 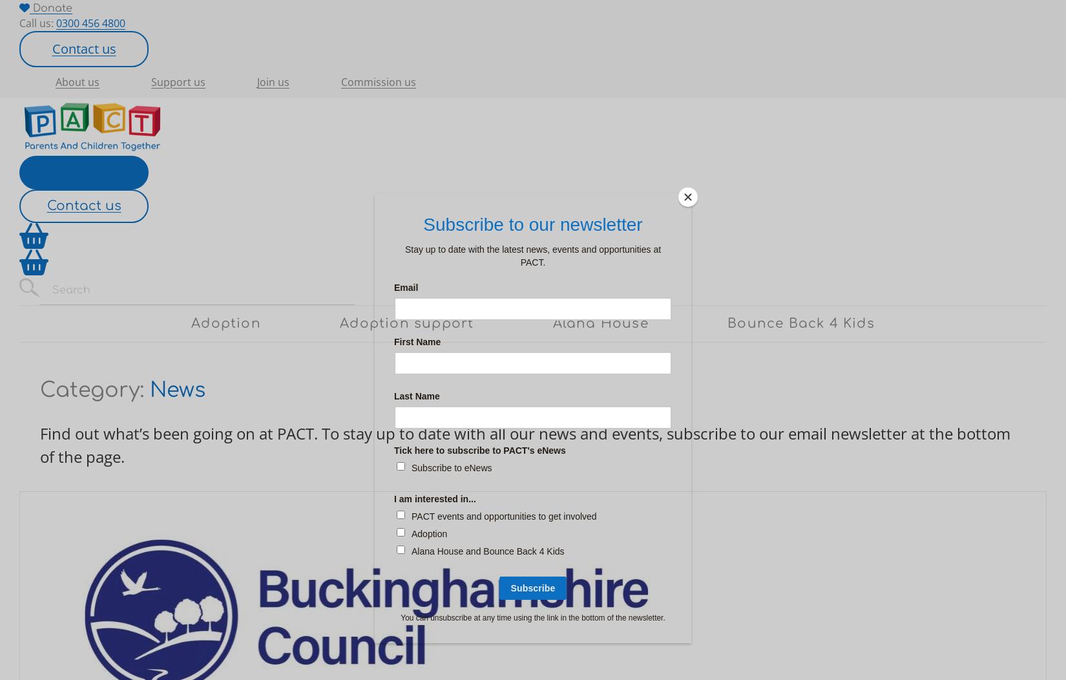 I want to click on 'Thanks!', so click(x=66, y=172).